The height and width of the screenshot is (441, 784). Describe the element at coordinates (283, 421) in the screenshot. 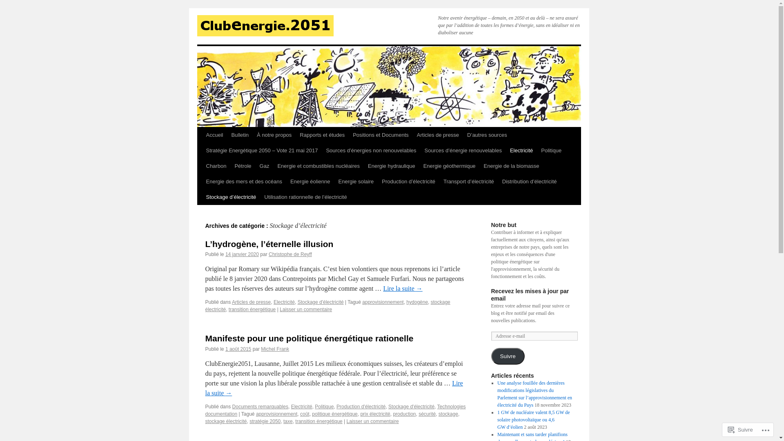

I see `'taxe'` at that location.